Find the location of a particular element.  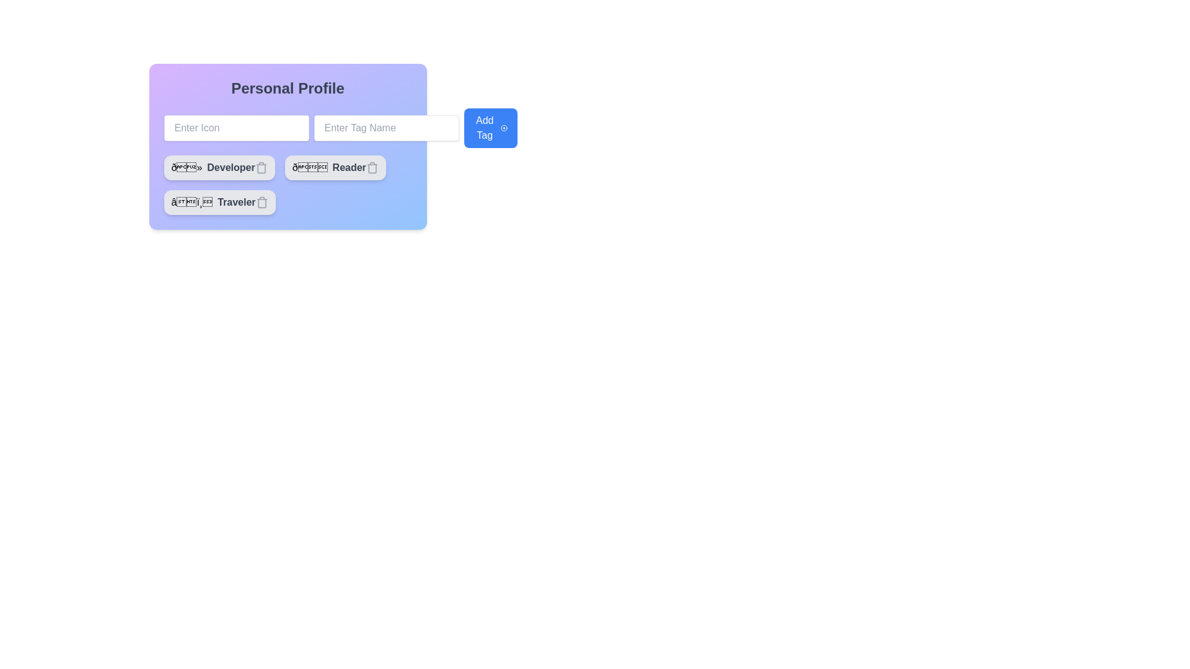

the trash can icon element that is part of the 'Traveler' tag in the UI panel, which is used for delete actions is located at coordinates (261, 203).